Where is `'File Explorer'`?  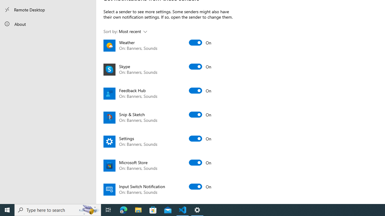 'File Explorer' is located at coordinates (138, 209).